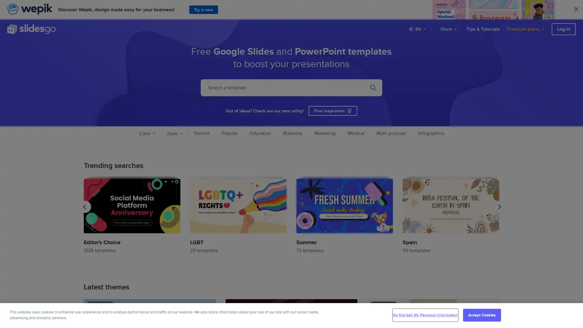  What do you see at coordinates (373, 87) in the screenshot?
I see `Search button` at bounding box center [373, 87].